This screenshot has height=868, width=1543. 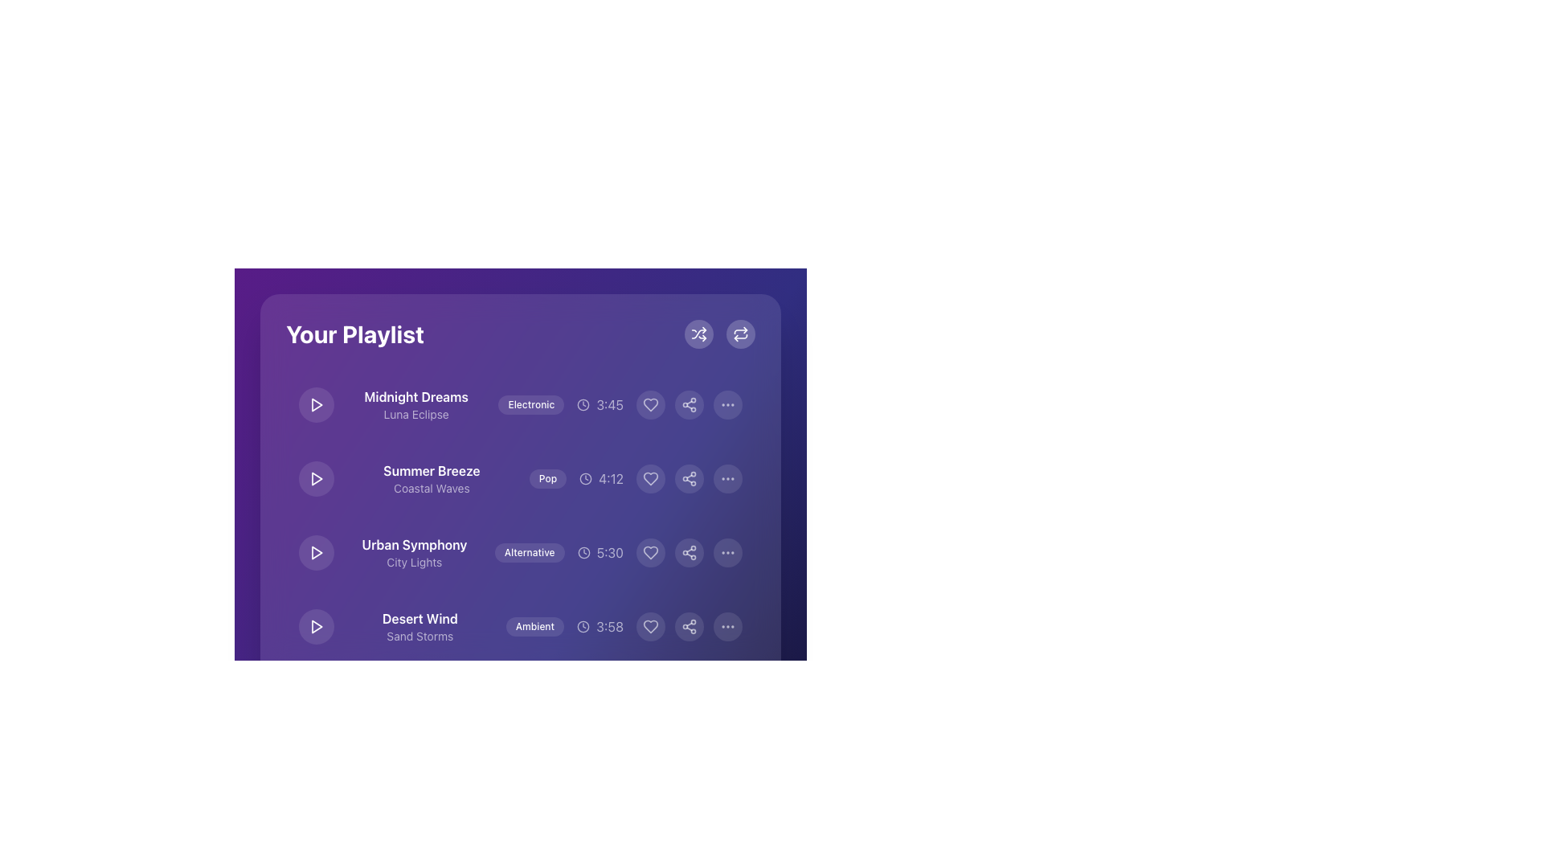 I want to click on the play button for the 'Summer Breeze' song, so click(x=316, y=478).